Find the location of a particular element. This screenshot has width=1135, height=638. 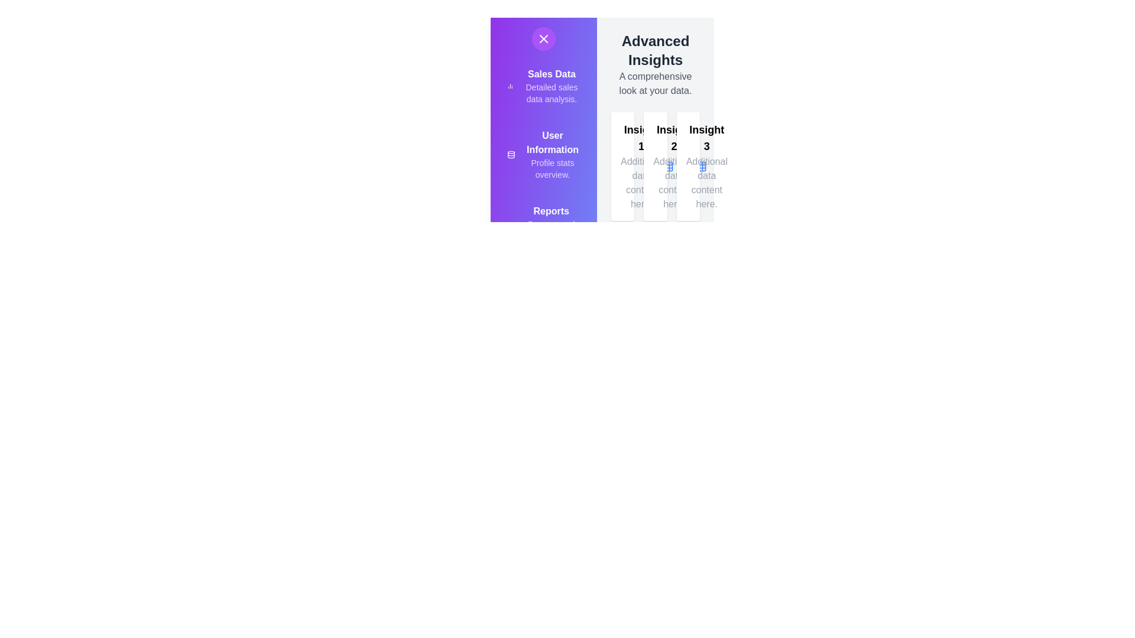

the menu item Reports to observe the visual effect is located at coordinates (502, 206).